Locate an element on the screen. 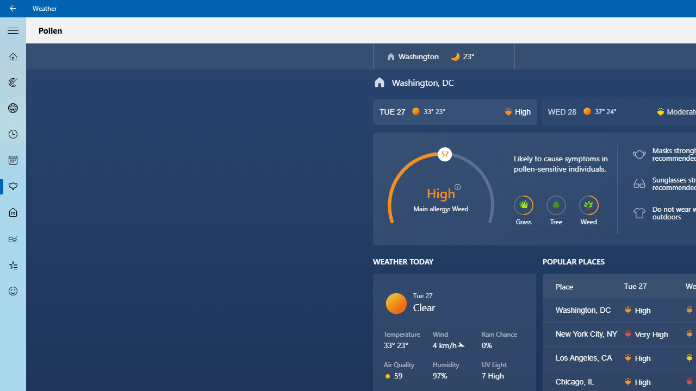 Image resolution: width=696 pixels, height=391 pixels. 'Hourly Forecast - Not Selected' is located at coordinates (13, 134).